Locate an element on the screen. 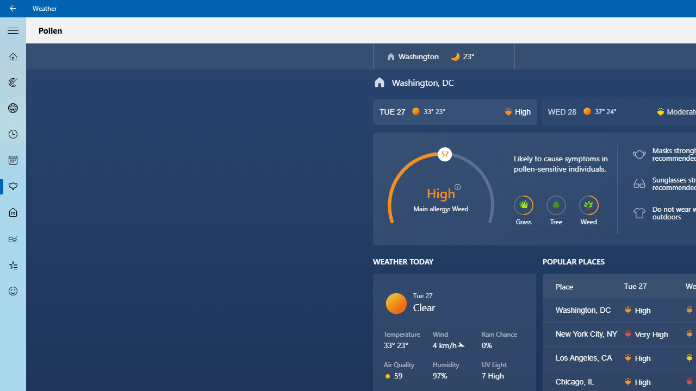 Image resolution: width=696 pixels, height=391 pixels. 'Hourly Forecast - Not Selected' is located at coordinates (13, 134).